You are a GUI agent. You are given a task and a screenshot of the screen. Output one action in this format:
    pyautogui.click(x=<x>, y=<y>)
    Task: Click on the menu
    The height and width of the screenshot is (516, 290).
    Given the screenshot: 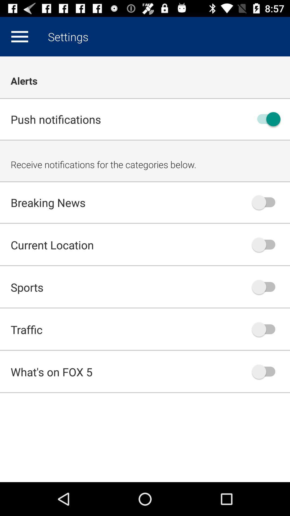 What is the action you would take?
    pyautogui.click(x=19, y=36)
    